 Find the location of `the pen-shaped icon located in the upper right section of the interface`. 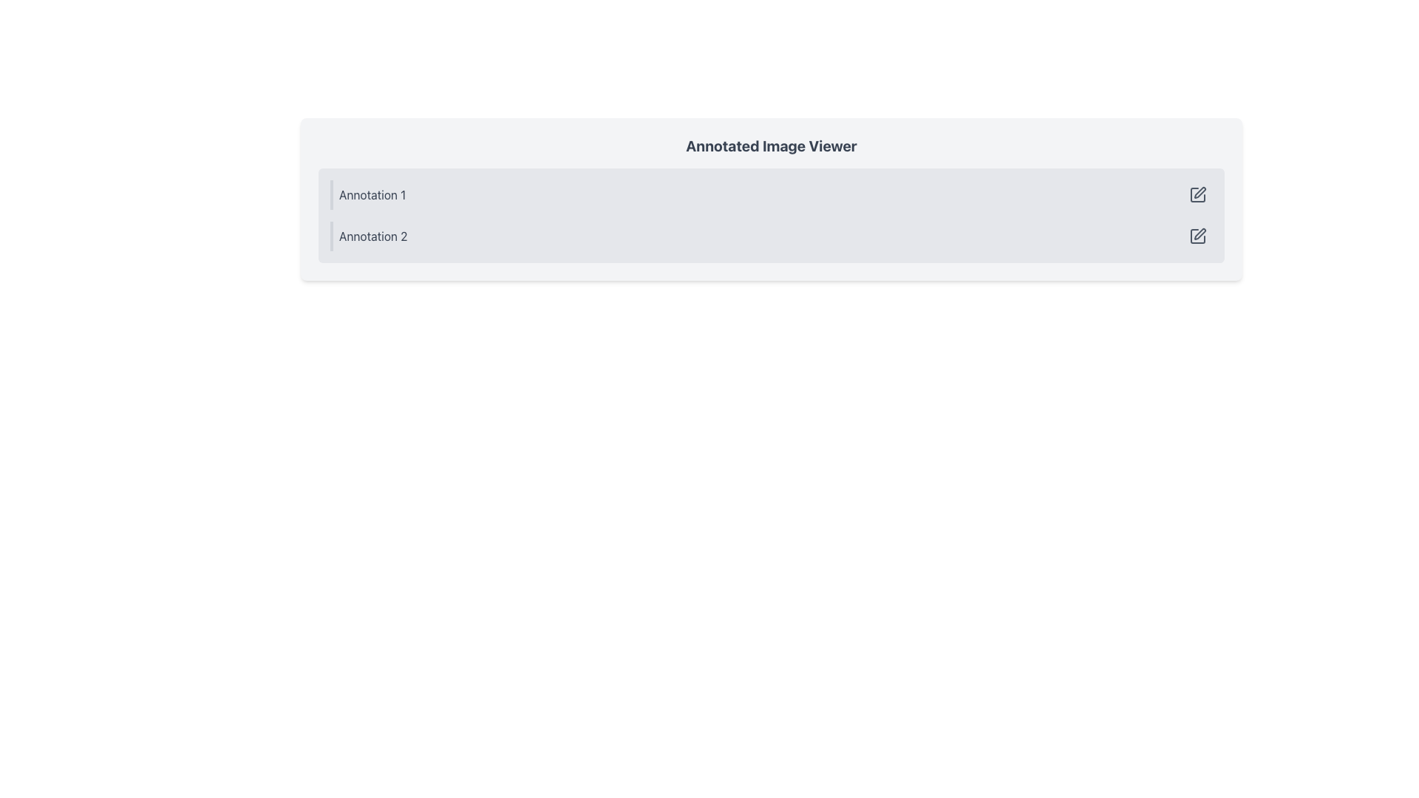

the pen-shaped icon located in the upper right section of the interface is located at coordinates (1199, 192).